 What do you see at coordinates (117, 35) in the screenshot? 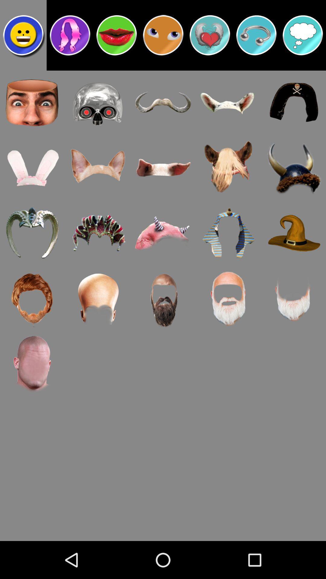
I see `mouth shape` at bounding box center [117, 35].